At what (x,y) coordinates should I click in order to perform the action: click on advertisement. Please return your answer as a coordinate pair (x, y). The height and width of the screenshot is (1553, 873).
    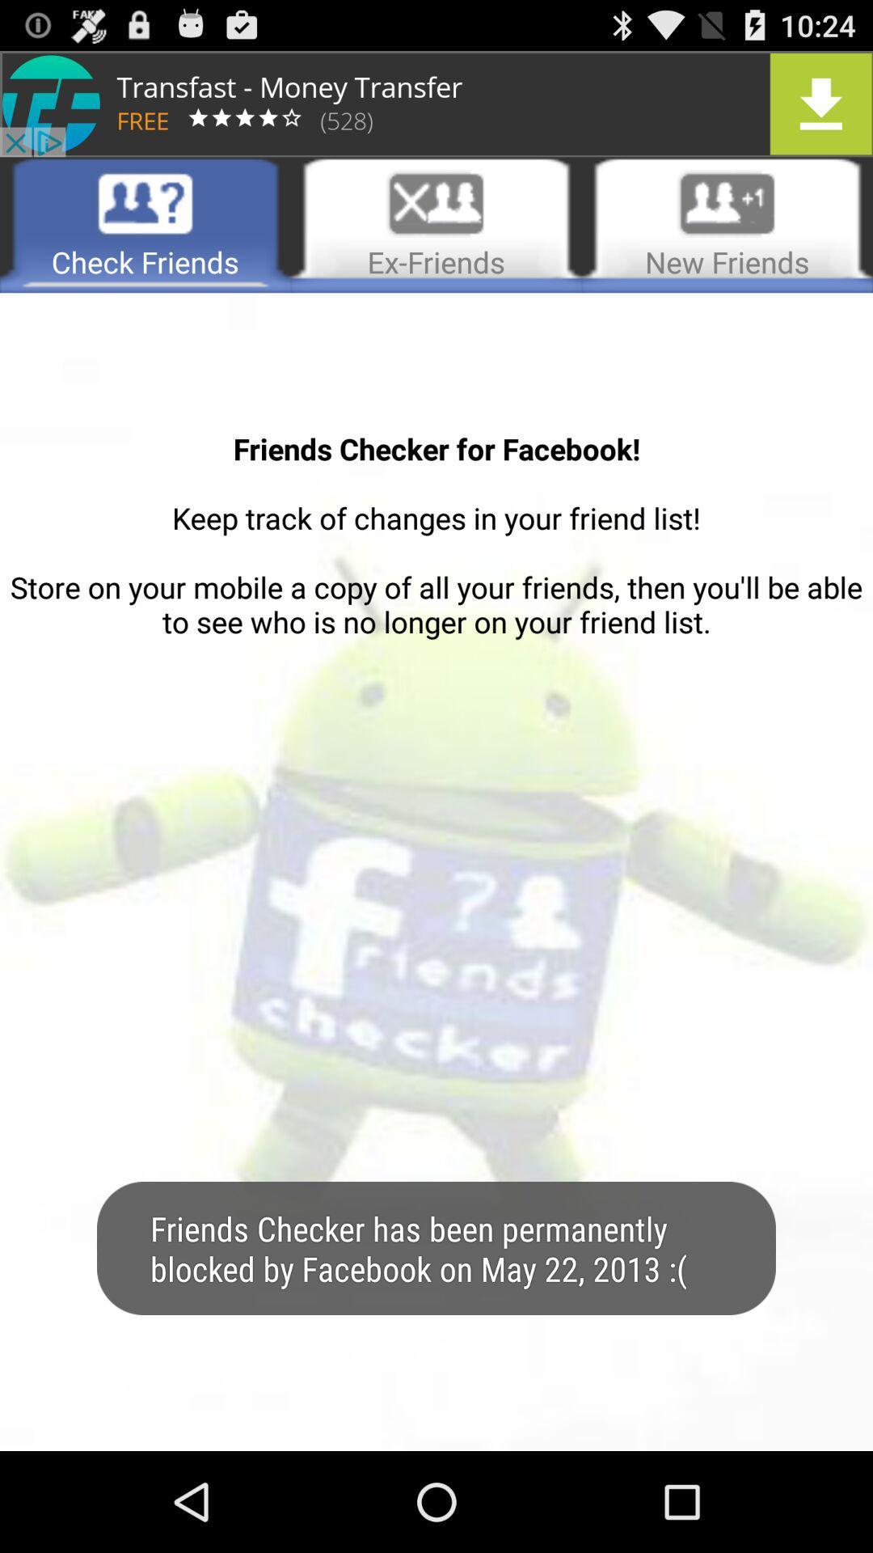
    Looking at the image, I should click on (436, 103).